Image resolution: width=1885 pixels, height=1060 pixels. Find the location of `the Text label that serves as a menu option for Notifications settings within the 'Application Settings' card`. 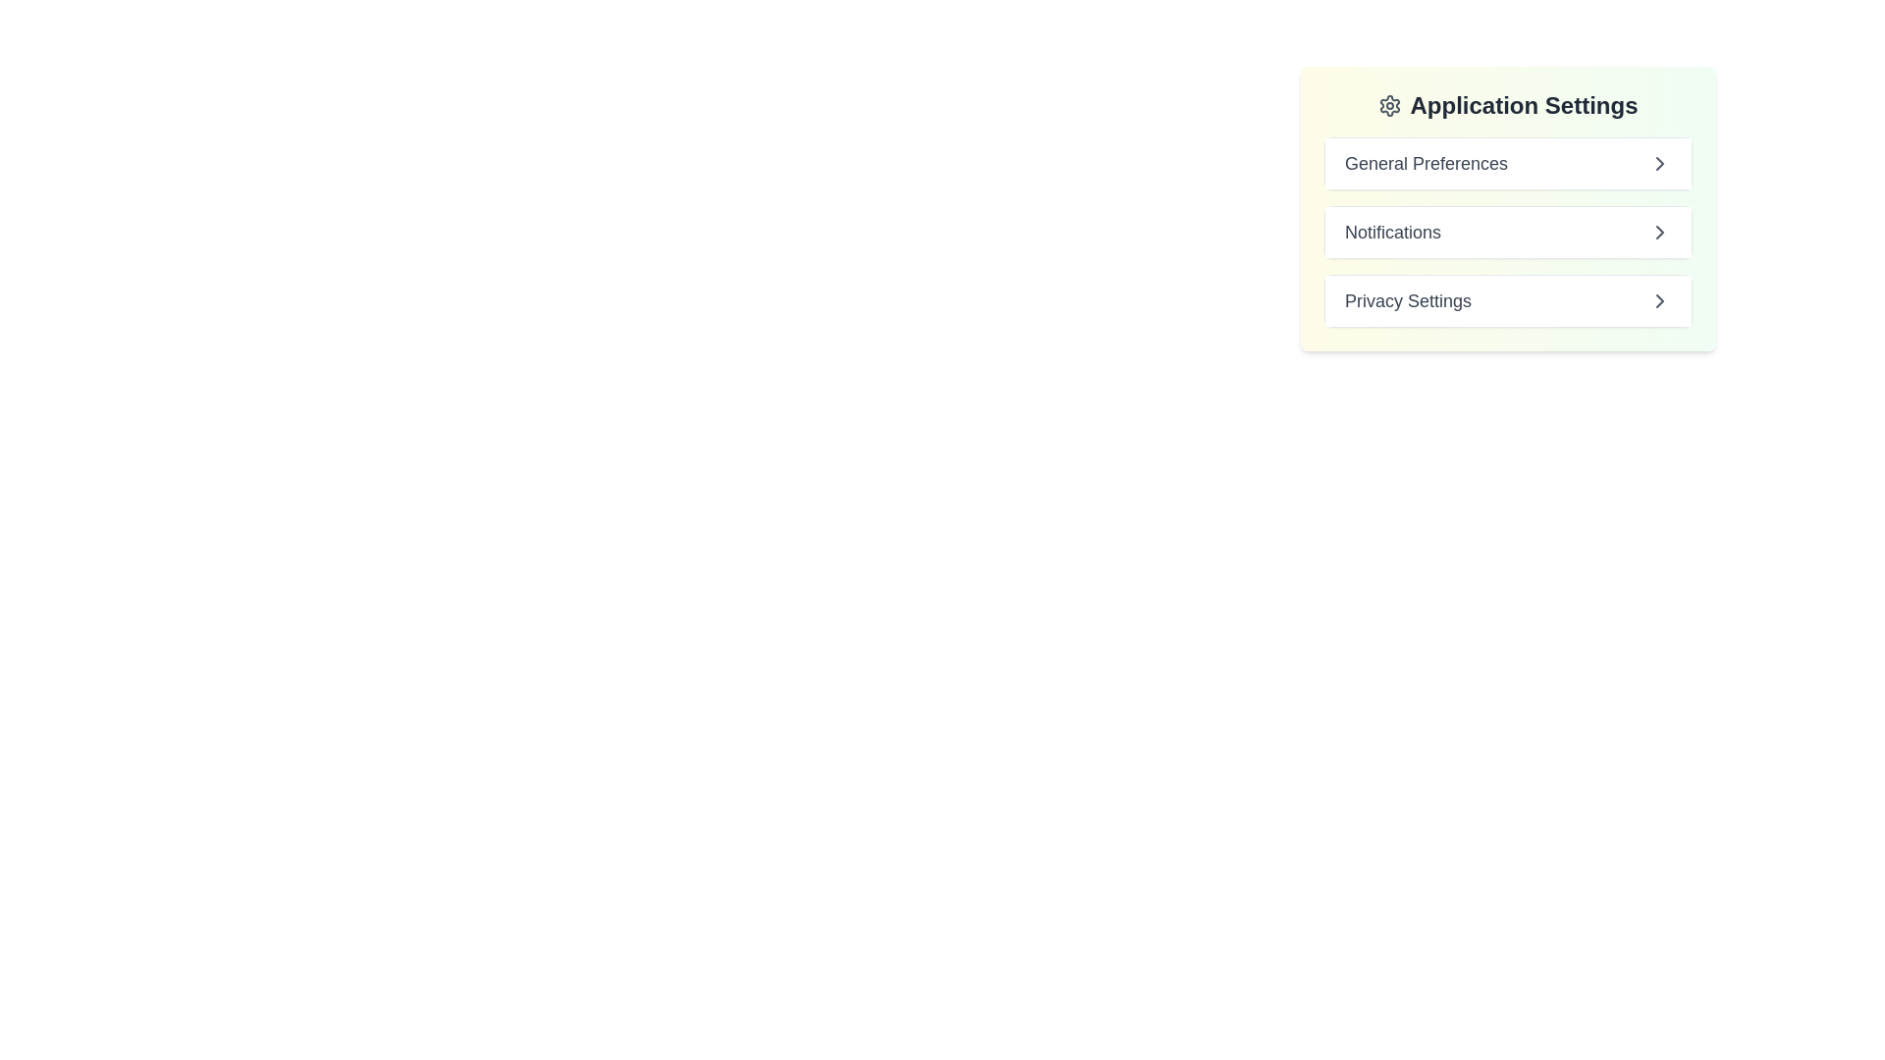

the Text label that serves as a menu option for Notifications settings within the 'Application Settings' card is located at coordinates (1392, 231).